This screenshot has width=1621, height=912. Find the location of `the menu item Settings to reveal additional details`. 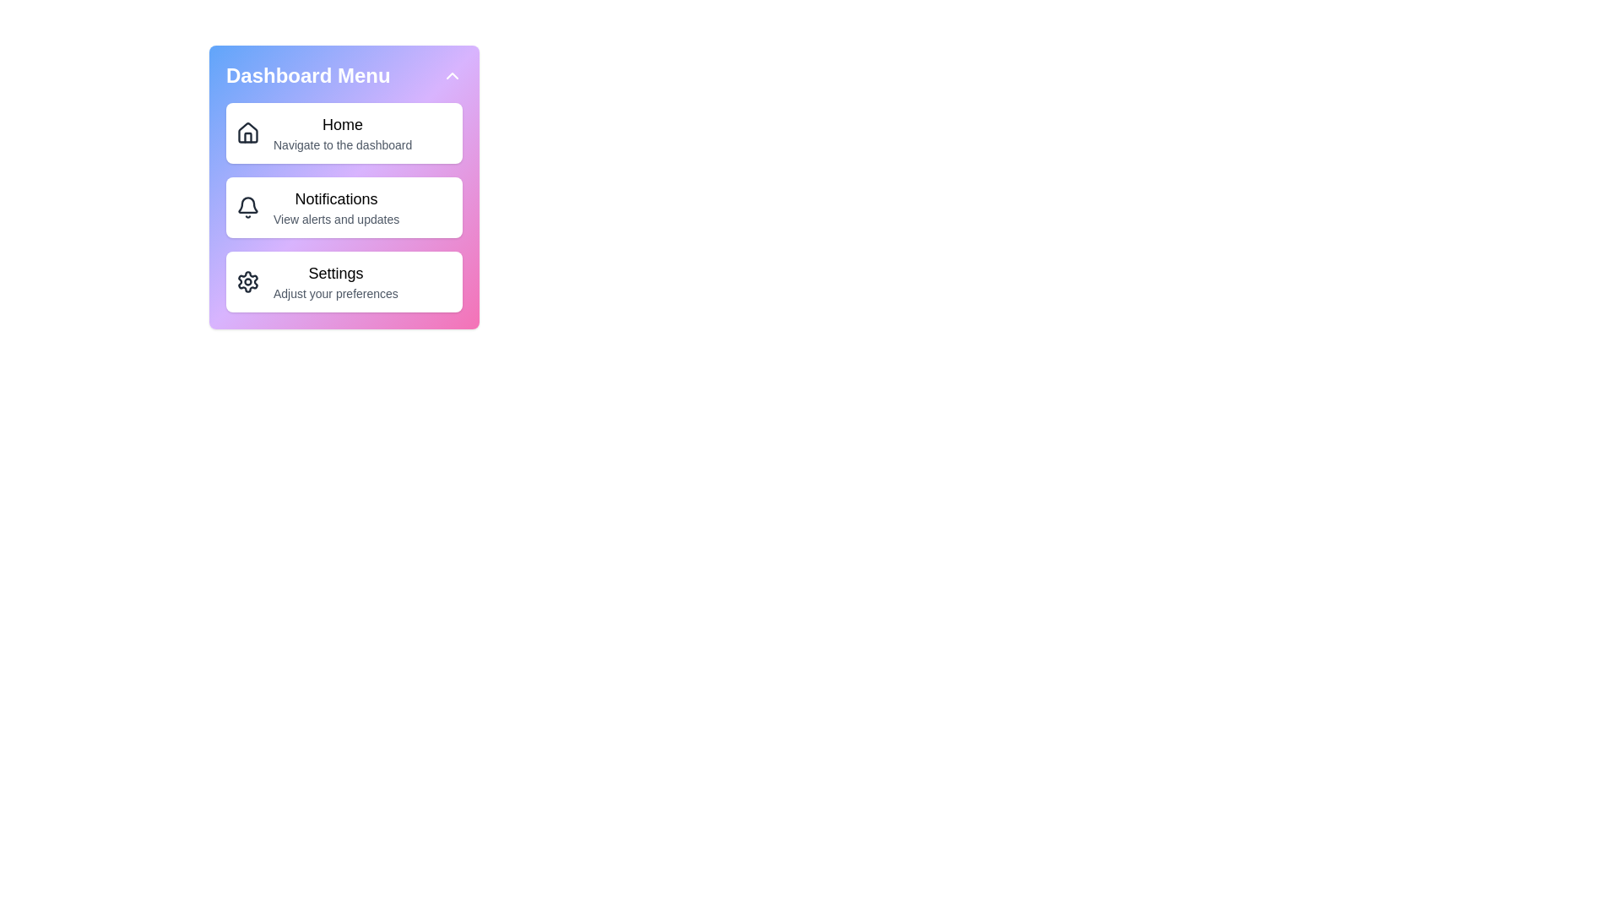

the menu item Settings to reveal additional details is located at coordinates (344, 281).